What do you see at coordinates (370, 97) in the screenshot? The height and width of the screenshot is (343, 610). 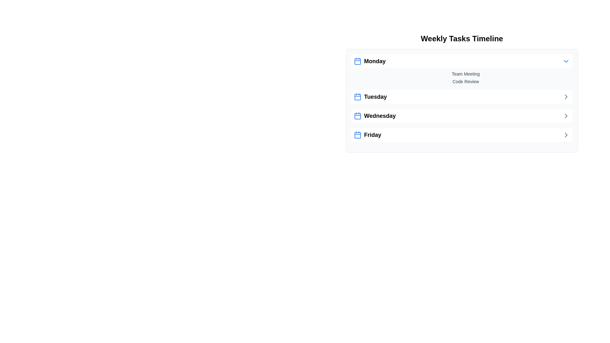 I see `the text label with the blue calendar icon that reads 'Tuesday', which is the second item in the list under 'Weekly Tasks Timeline'` at bounding box center [370, 97].